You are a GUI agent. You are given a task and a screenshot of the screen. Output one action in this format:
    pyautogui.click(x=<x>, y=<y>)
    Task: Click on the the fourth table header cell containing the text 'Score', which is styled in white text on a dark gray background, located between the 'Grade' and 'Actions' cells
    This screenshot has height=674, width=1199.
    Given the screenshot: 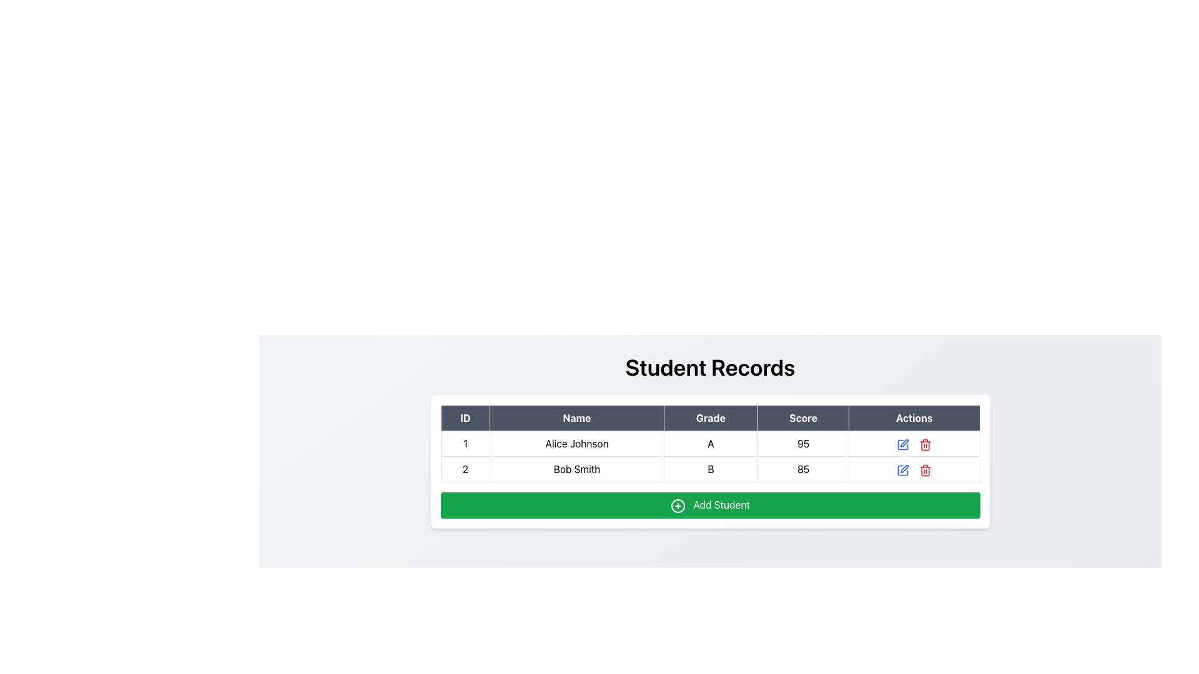 What is the action you would take?
    pyautogui.click(x=803, y=418)
    